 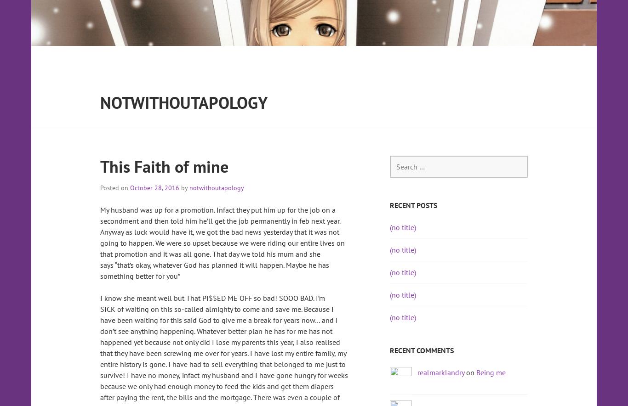 What do you see at coordinates (154, 187) in the screenshot?
I see `'October 28, 2016'` at bounding box center [154, 187].